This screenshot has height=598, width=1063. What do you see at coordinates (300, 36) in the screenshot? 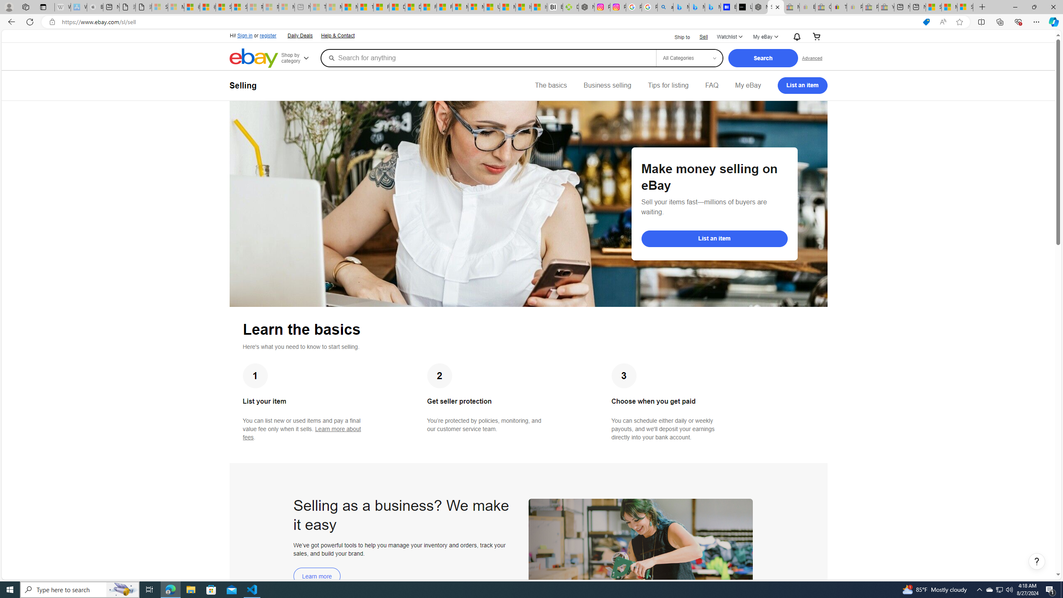
I see `'Daily Deals'` at bounding box center [300, 36].